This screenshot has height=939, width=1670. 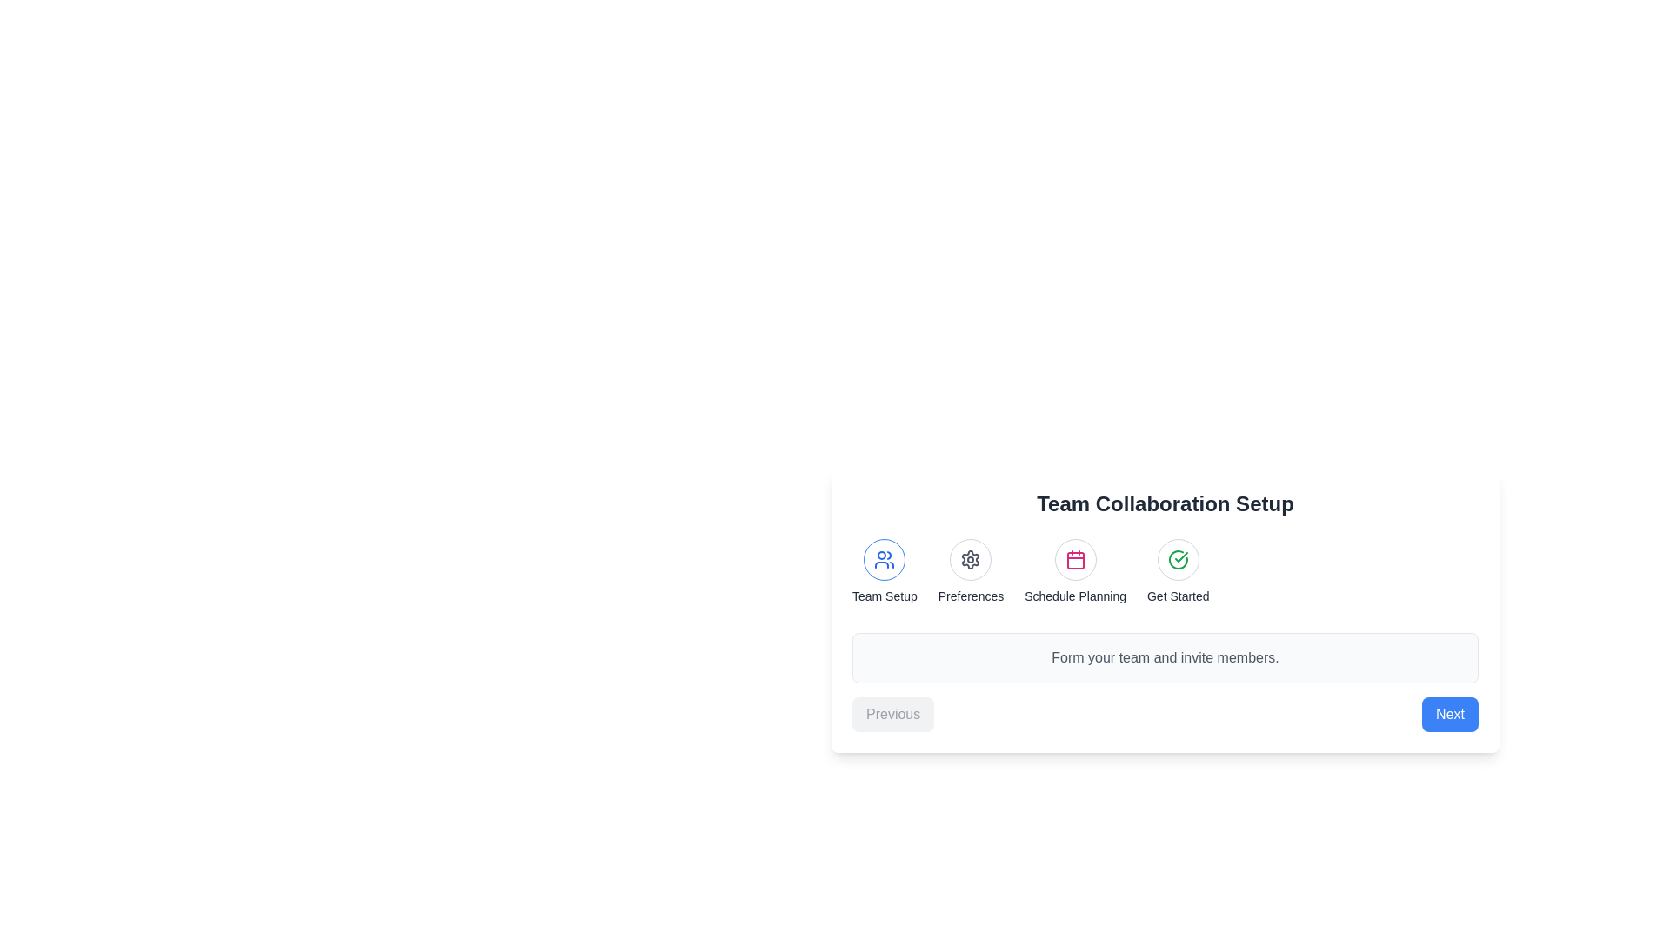 I want to click on the tabbed menu options labeled 'Team Setup', 'Preferences', 'Schedule Planning', and 'Get Started', so click(x=1165, y=572).